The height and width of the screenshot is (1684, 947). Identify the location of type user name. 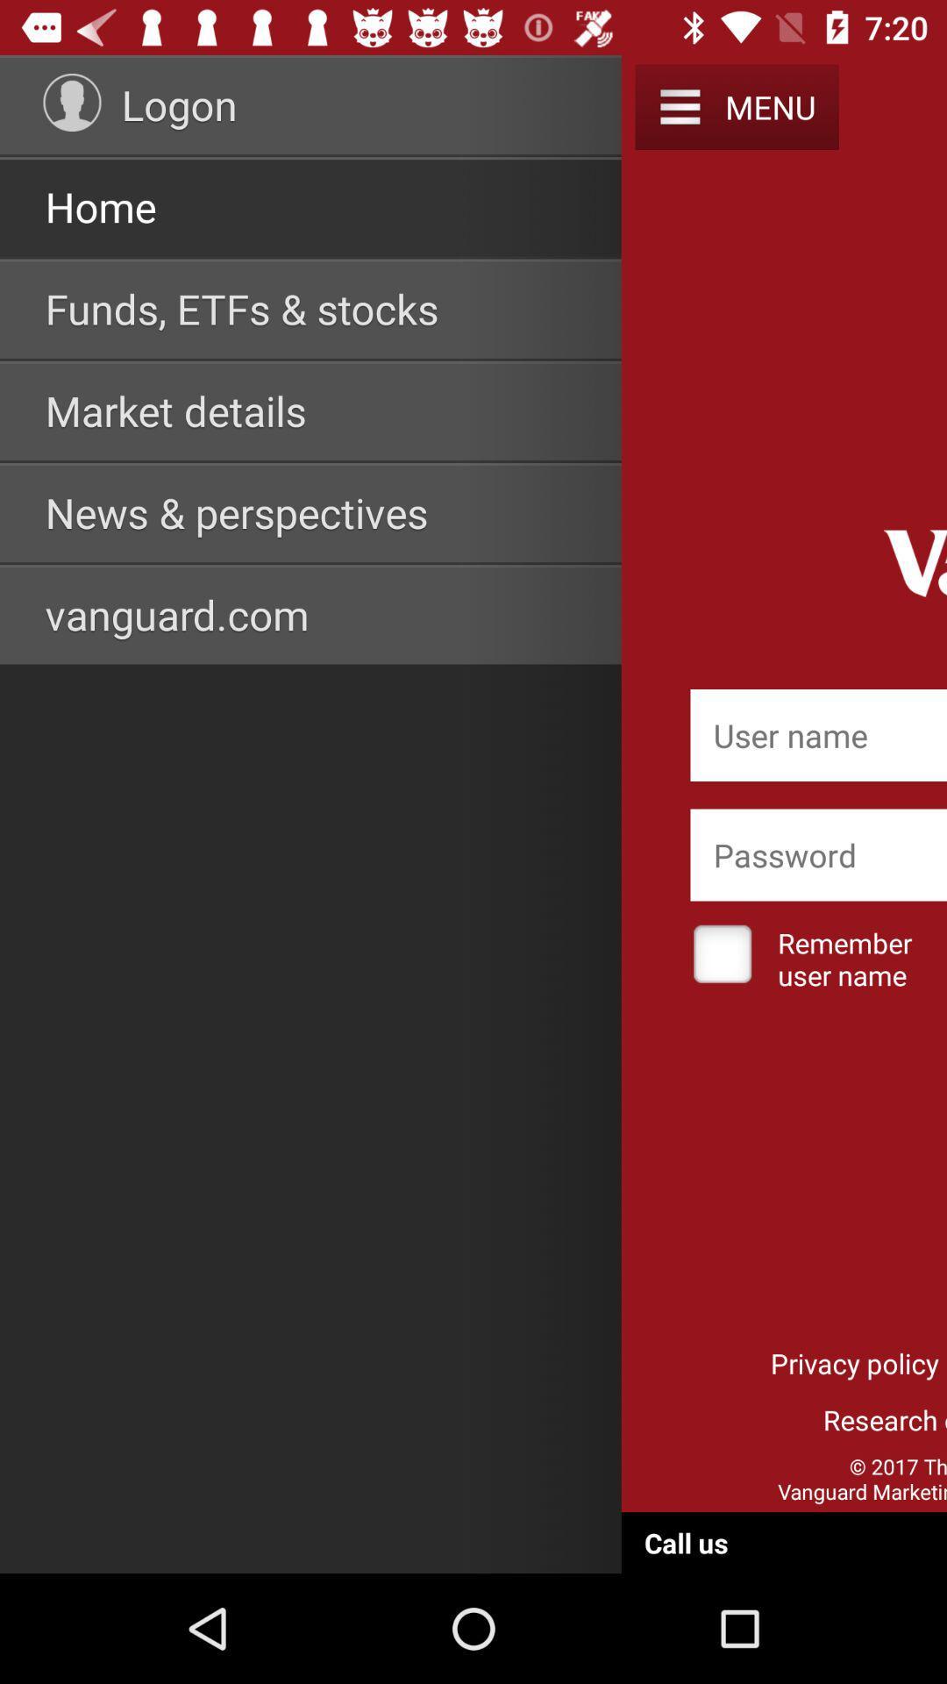
(818, 735).